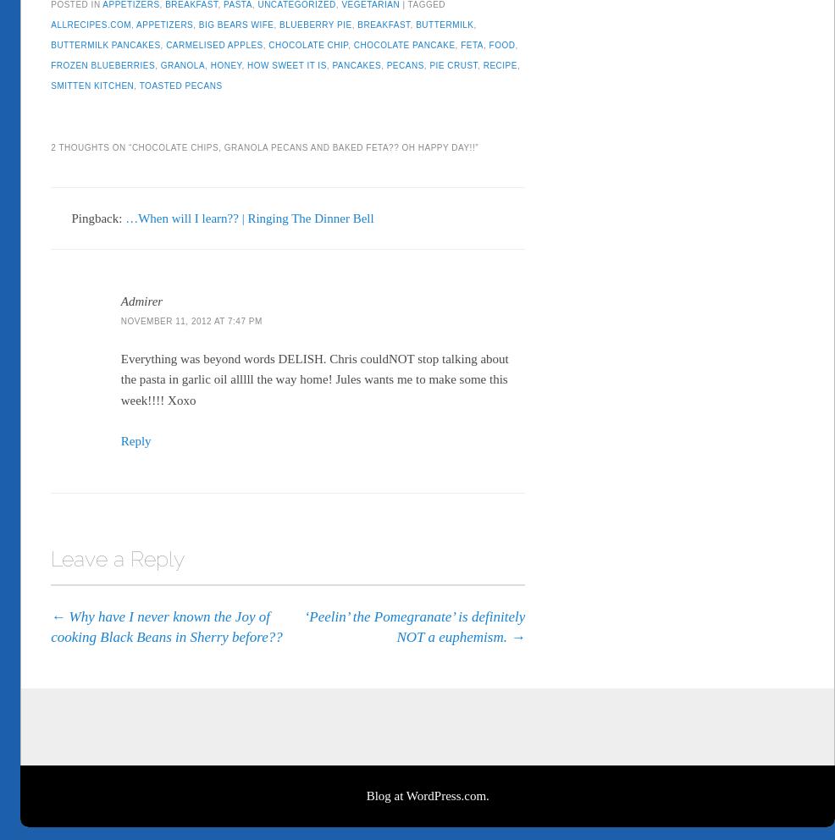 The height and width of the screenshot is (840, 835). What do you see at coordinates (405, 61) in the screenshot?
I see `'pecans'` at bounding box center [405, 61].